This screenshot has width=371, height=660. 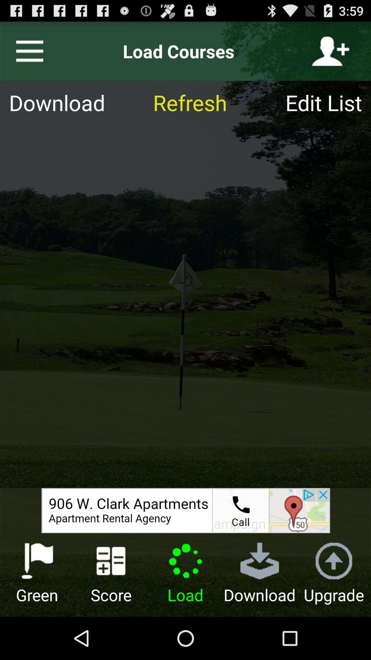 What do you see at coordinates (26, 51) in the screenshot?
I see `menu tab` at bounding box center [26, 51].